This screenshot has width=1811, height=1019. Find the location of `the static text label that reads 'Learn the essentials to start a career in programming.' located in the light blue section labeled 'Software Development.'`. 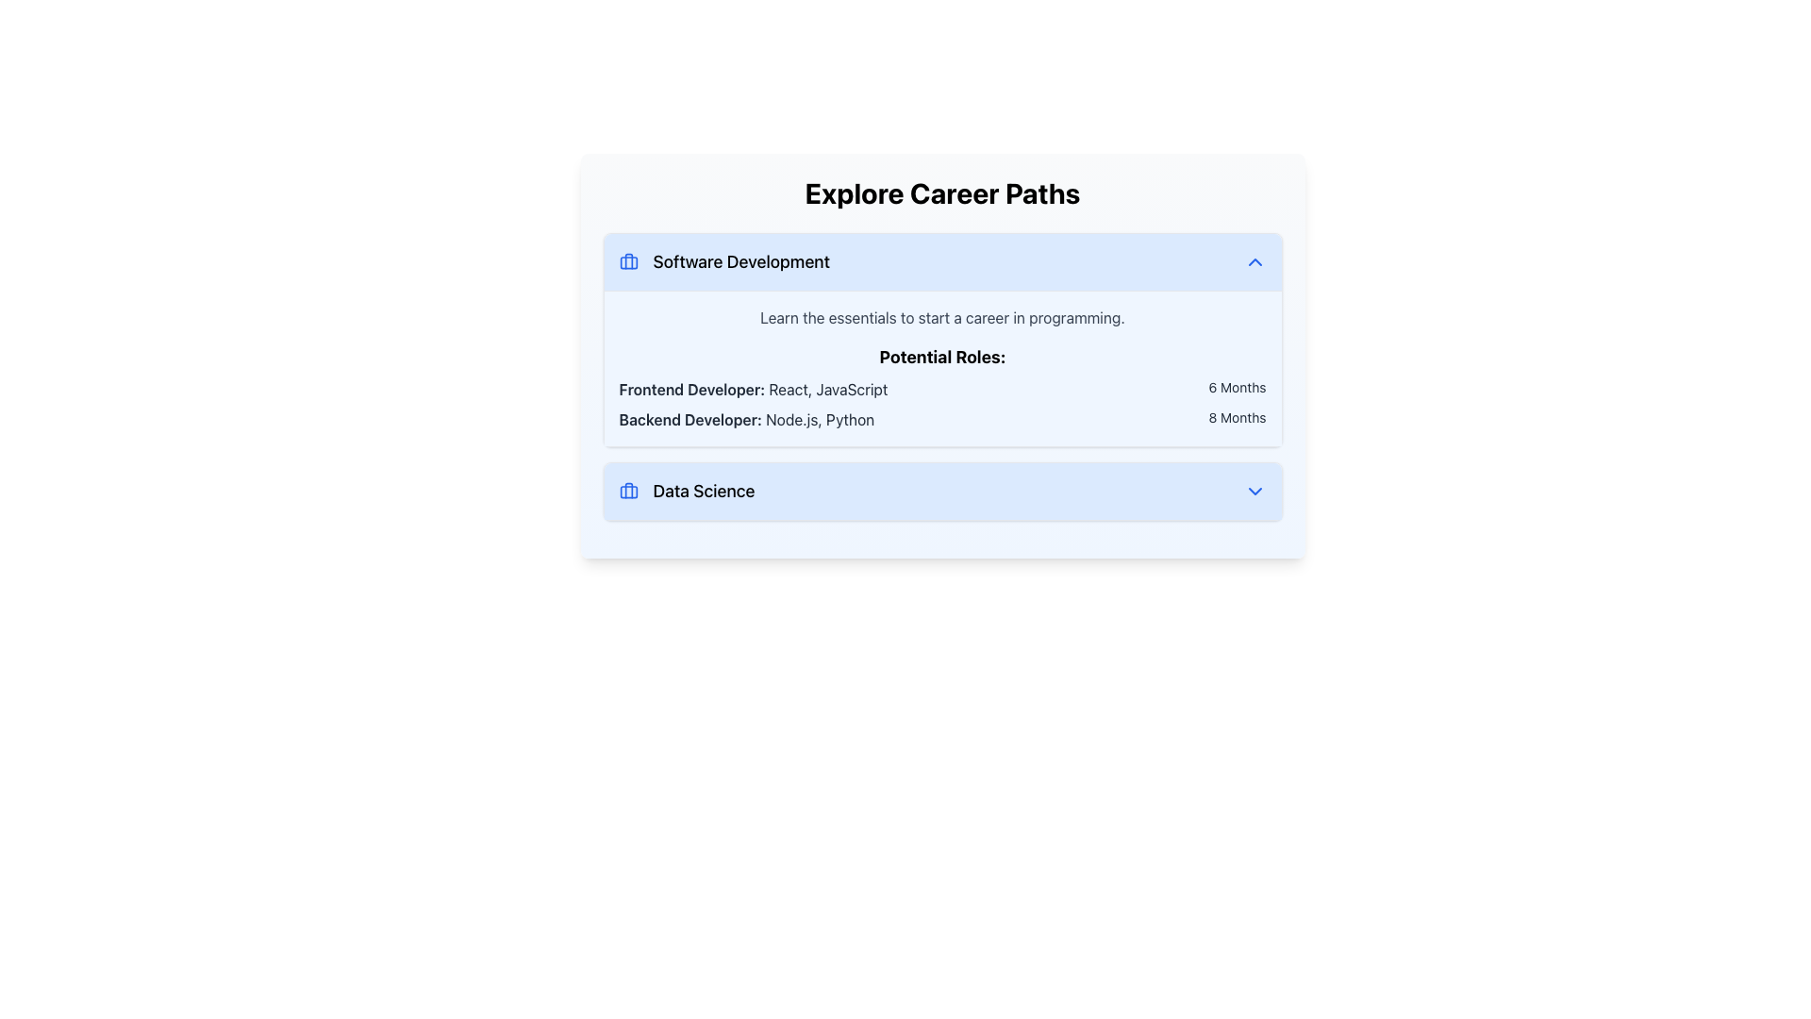

the static text label that reads 'Learn the essentials to start a career in programming.' located in the light blue section labeled 'Software Development.' is located at coordinates (942, 316).